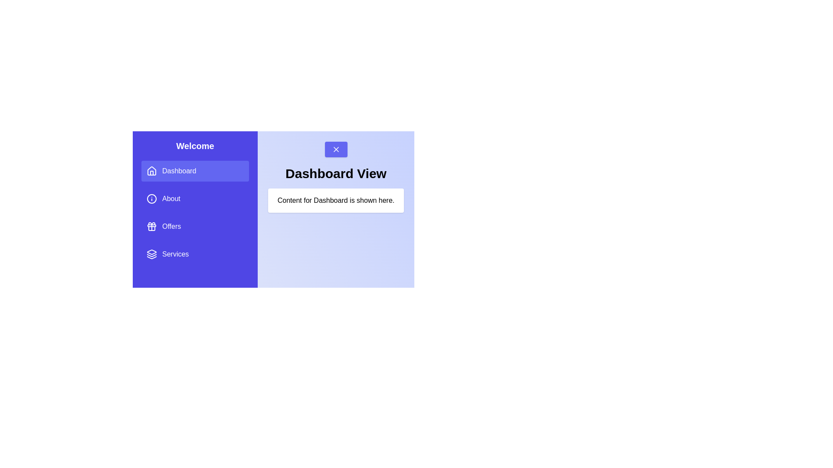 The image size is (833, 468). What do you see at coordinates (195, 199) in the screenshot?
I see `the menu item About to change the displayed content` at bounding box center [195, 199].